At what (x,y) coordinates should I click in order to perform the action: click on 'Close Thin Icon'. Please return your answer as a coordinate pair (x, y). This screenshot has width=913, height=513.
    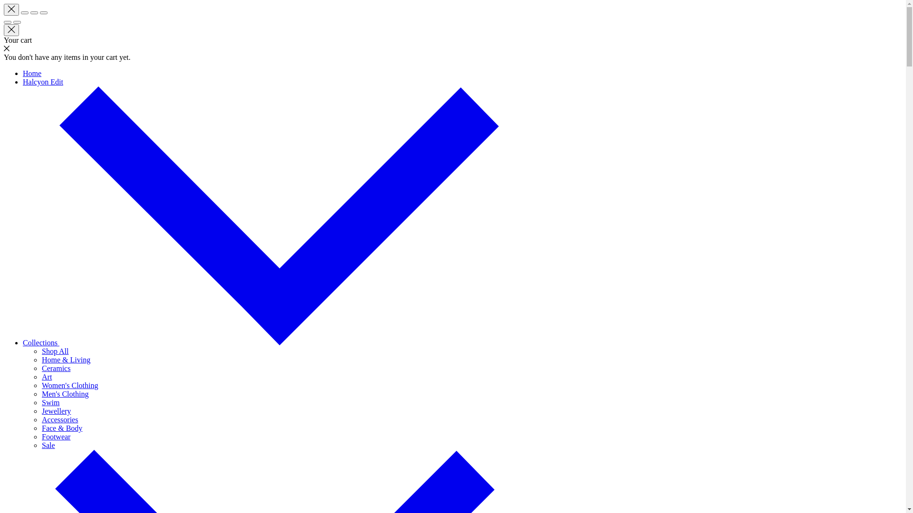
    Looking at the image, I should click on (11, 9).